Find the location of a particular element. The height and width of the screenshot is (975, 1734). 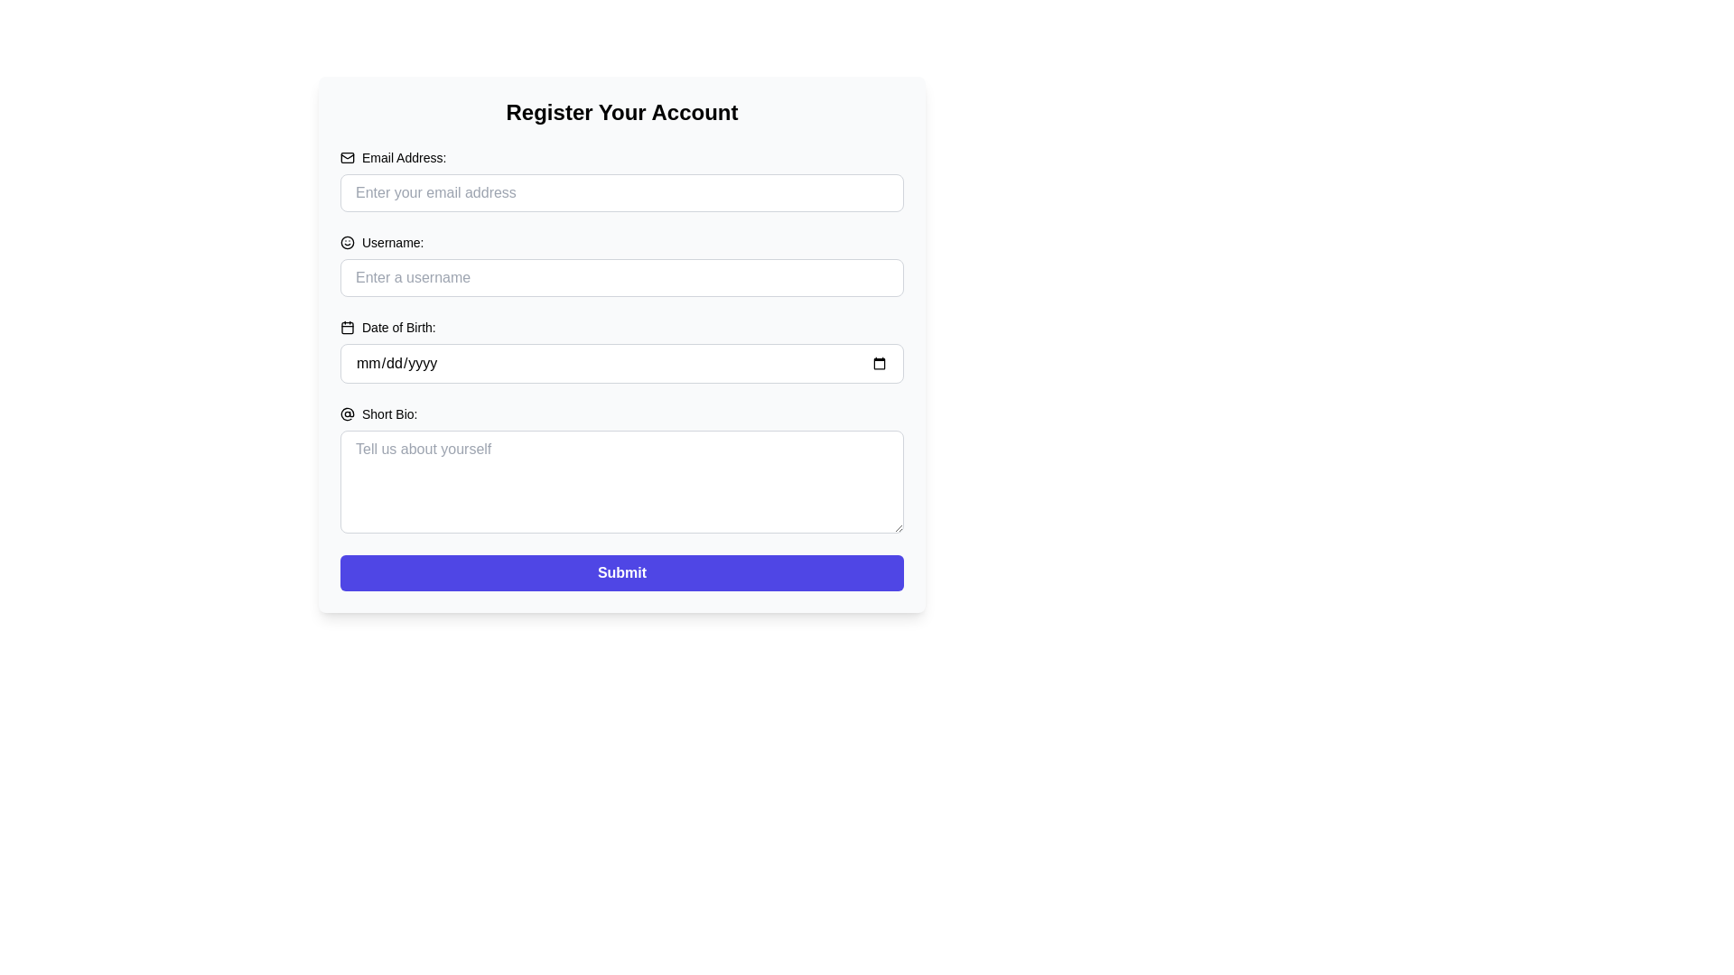

the minimalist envelope icon located in the top-left corner of the email address input label in the registration form is located at coordinates (347, 156).